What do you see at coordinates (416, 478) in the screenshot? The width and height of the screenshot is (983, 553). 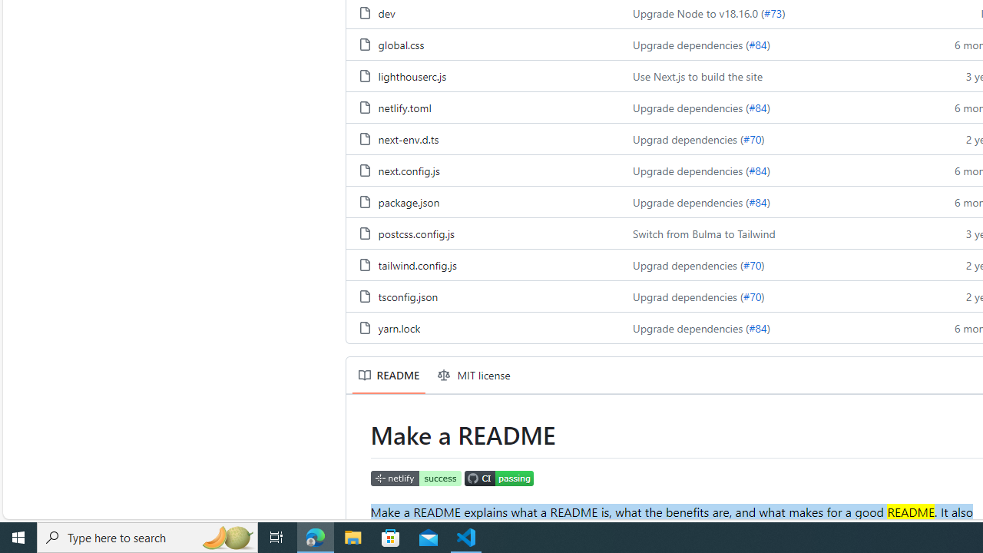 I see `'Netlify Status'` at bounding box center [416, 478].